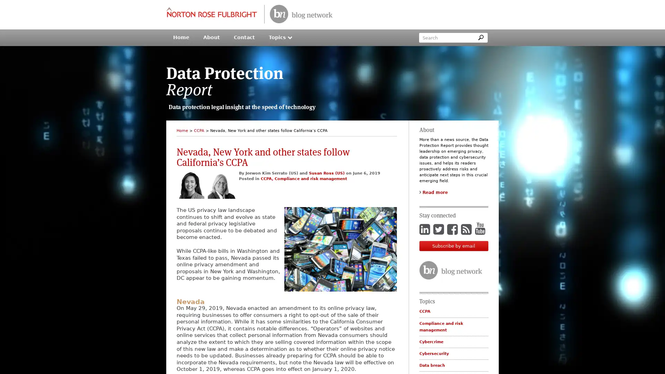 This screenshot has height=374, width=665. Describe the element at coordinates (480, 37) in the screenshot. I see `Go` at that location.